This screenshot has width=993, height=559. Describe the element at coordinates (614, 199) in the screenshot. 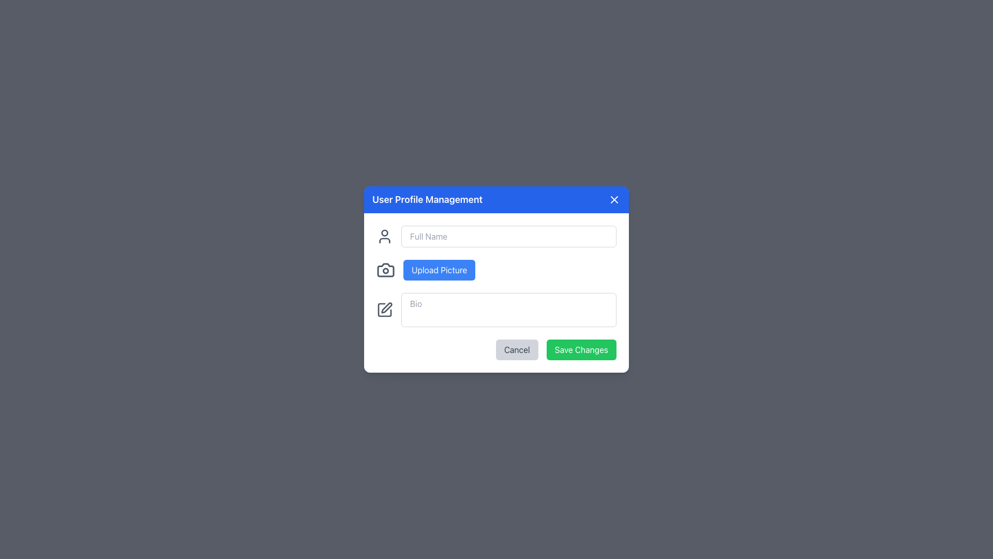

I see `the close button (X icon) in the top-right corner of the blue header section of the modal dialog` at that location.